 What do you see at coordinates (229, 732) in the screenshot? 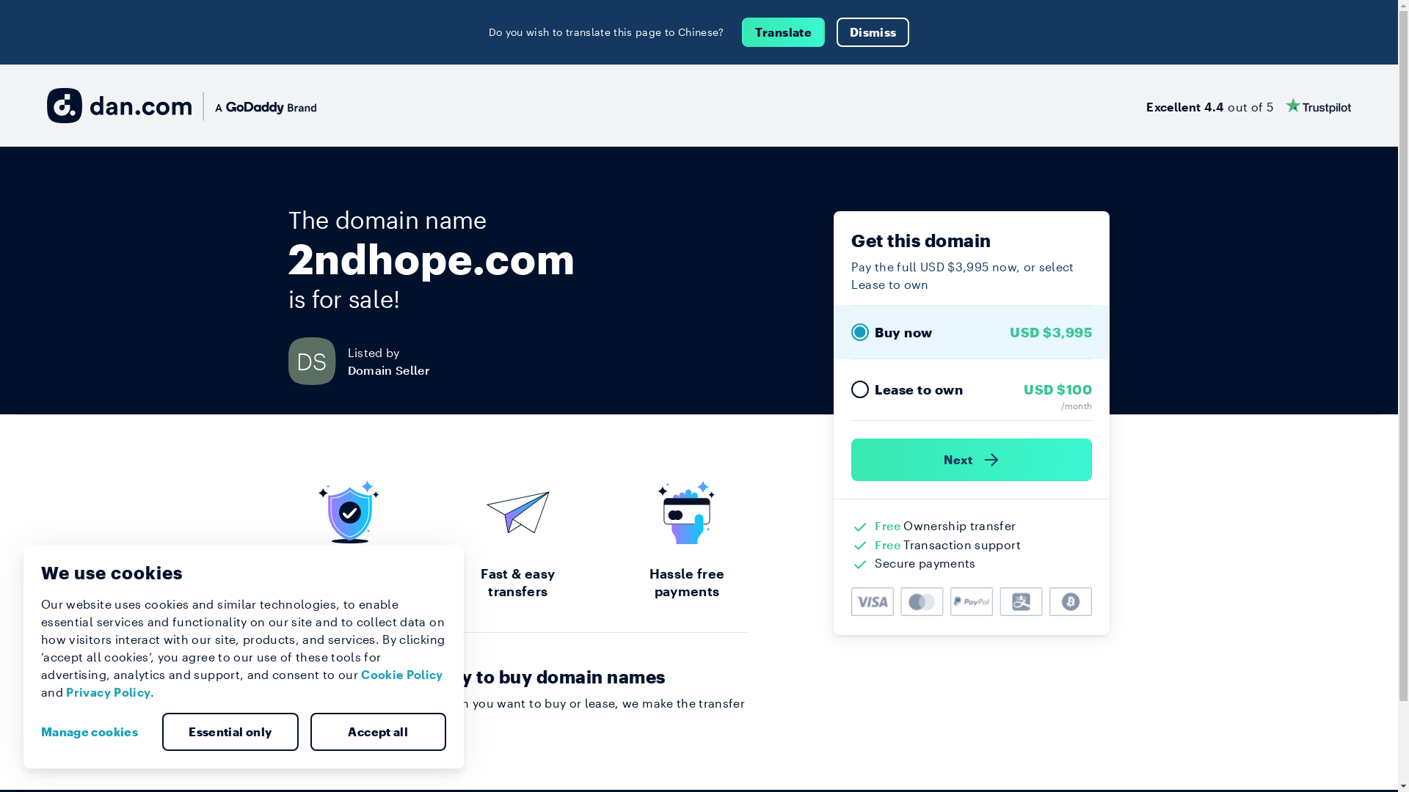
I see `'Essential only'` at bounding box center [229, 732].